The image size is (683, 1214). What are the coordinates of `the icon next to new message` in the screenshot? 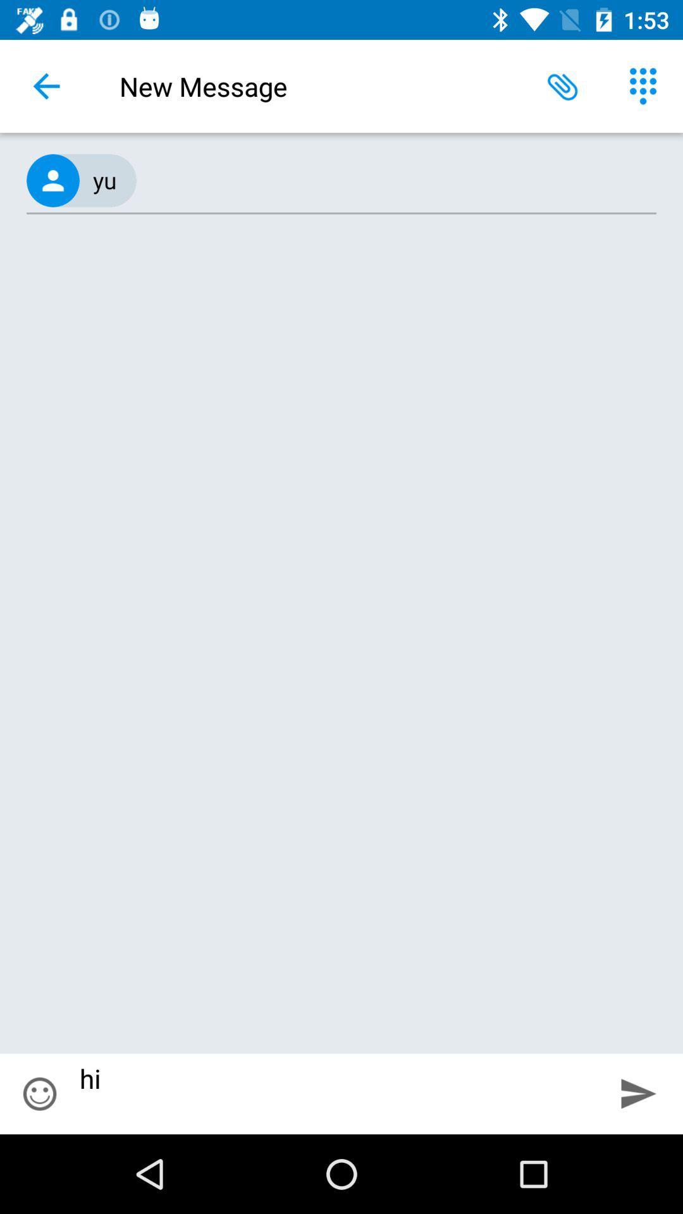 It's located at (46, 85).